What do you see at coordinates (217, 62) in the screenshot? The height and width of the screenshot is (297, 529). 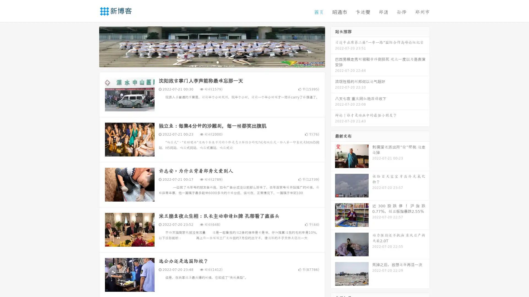 I see `Go to slide 3` at bounding box center [217, 62].